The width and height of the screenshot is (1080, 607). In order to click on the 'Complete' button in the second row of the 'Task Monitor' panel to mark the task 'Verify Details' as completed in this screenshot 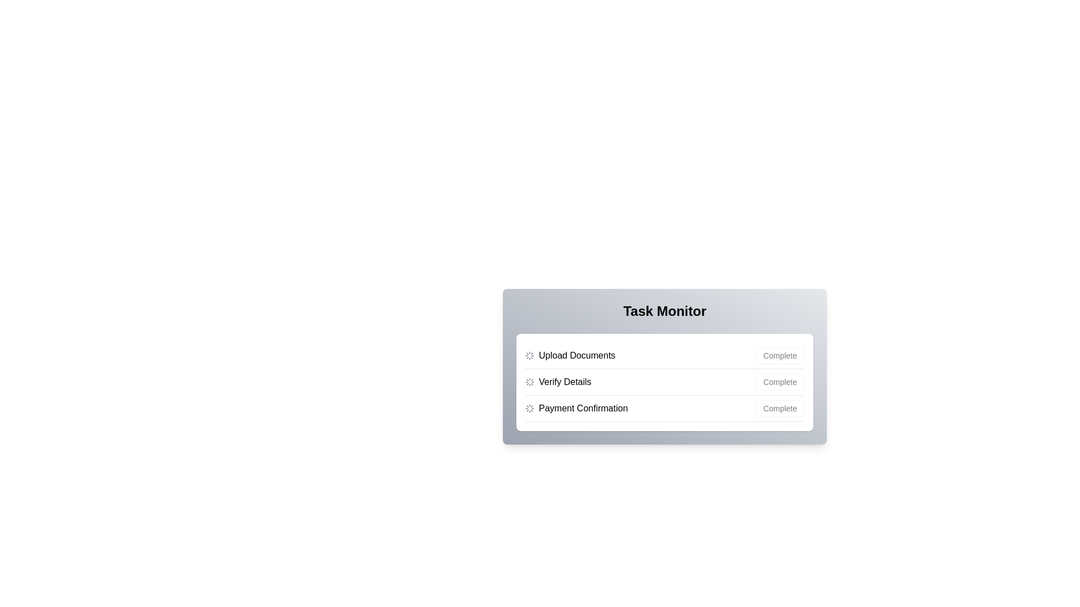, I will do `click(759, 377)`.